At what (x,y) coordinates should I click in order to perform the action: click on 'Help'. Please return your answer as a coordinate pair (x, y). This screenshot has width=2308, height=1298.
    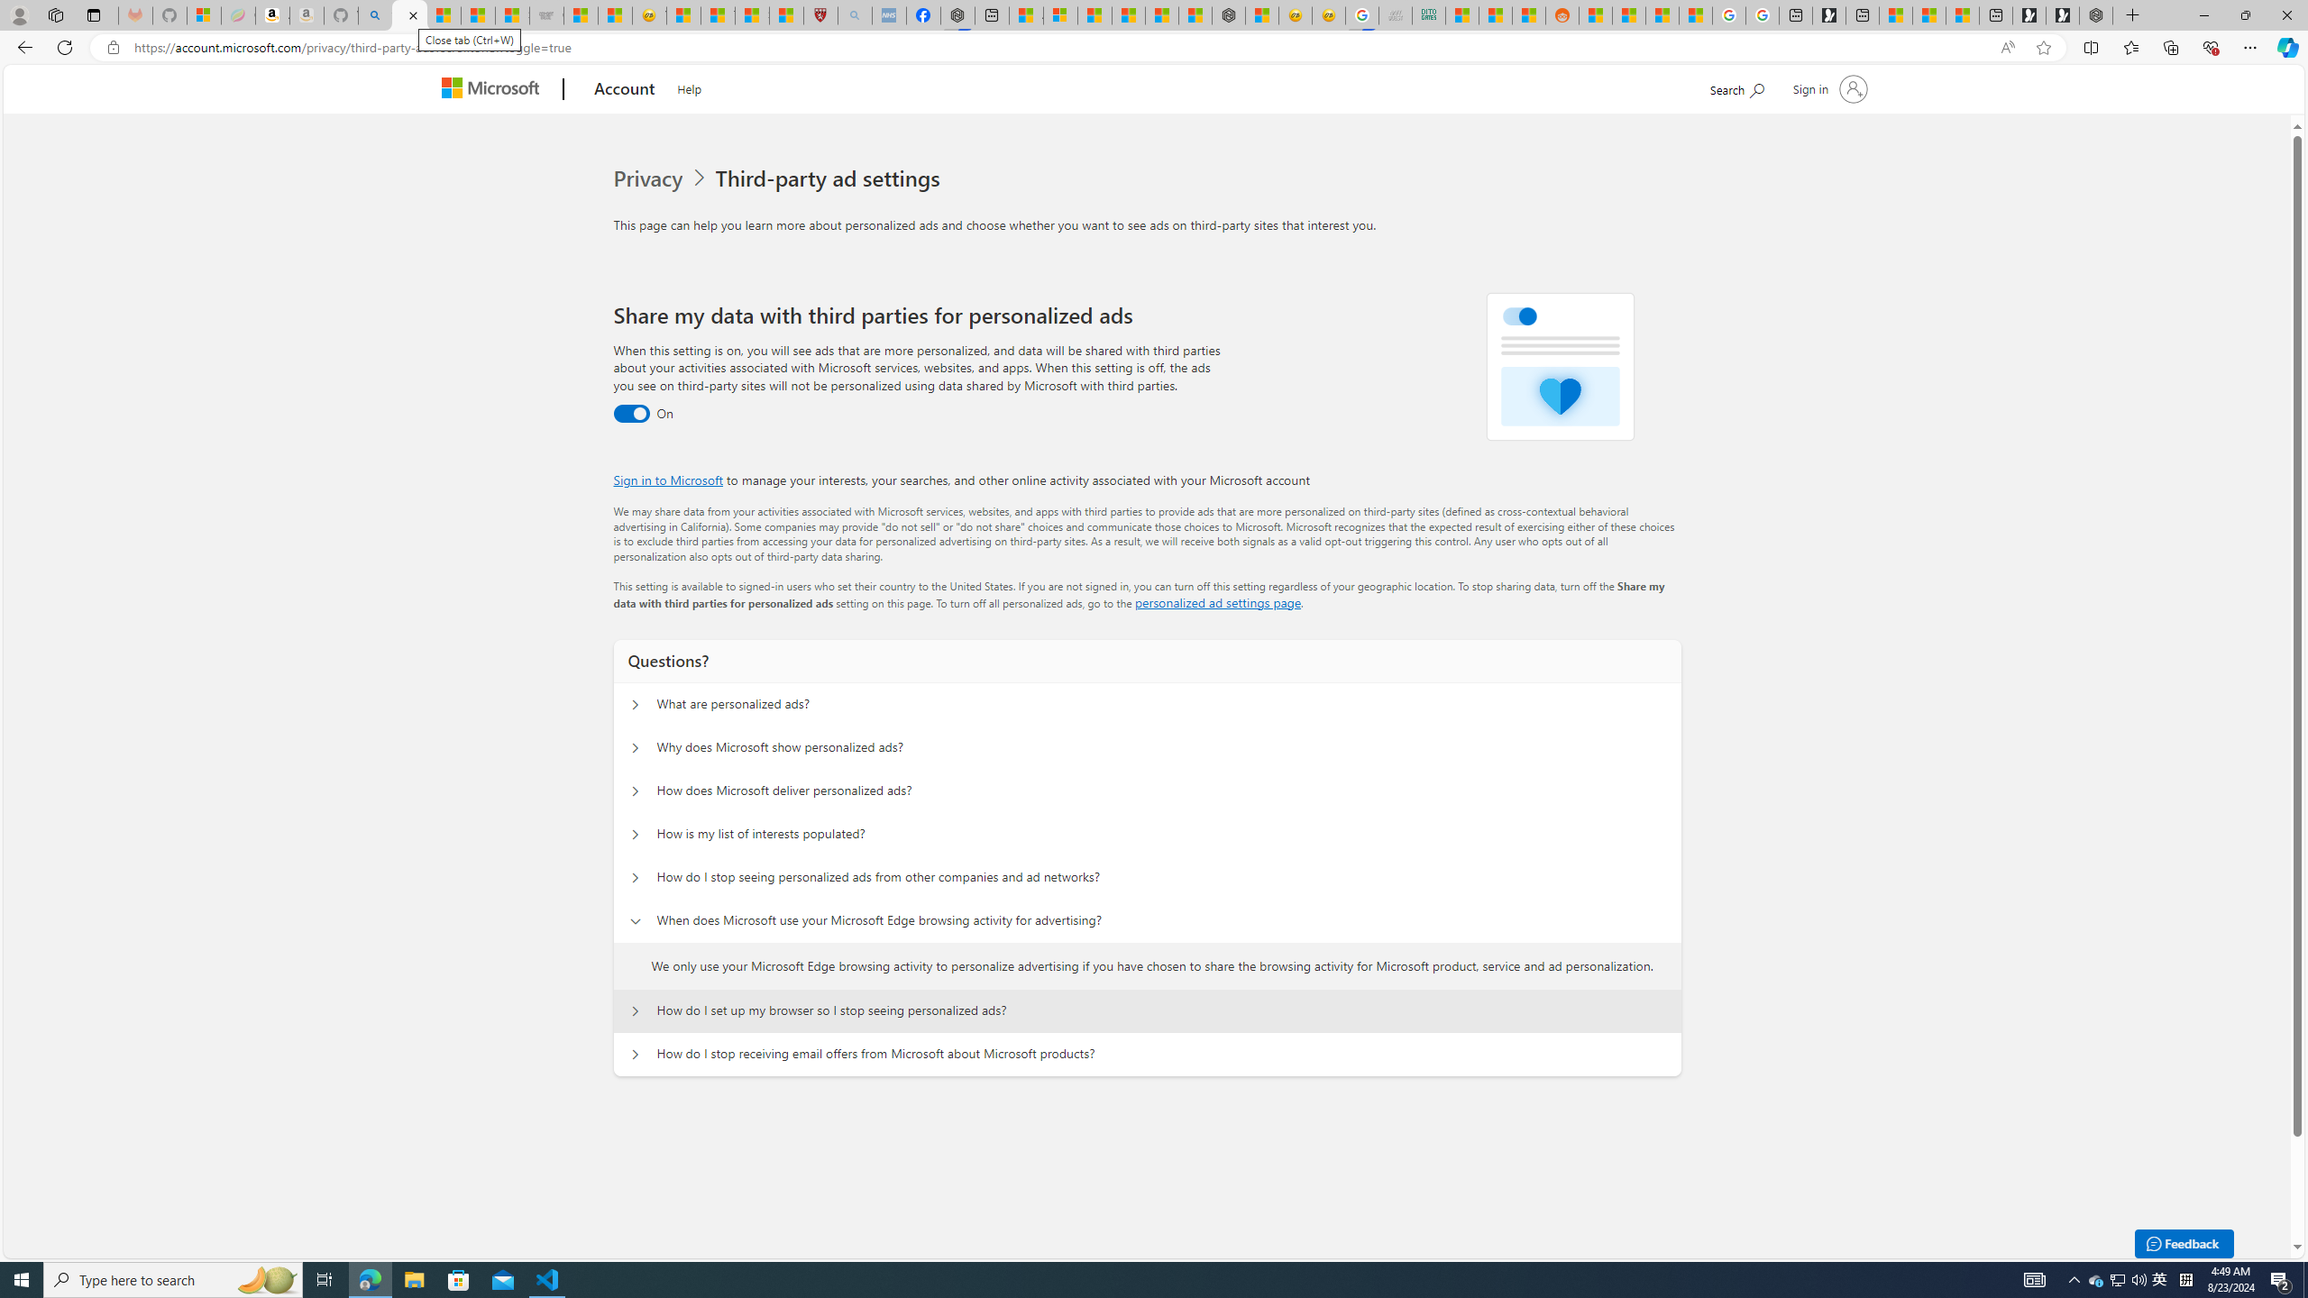
    Looking at the image, I should click on (690, 87).